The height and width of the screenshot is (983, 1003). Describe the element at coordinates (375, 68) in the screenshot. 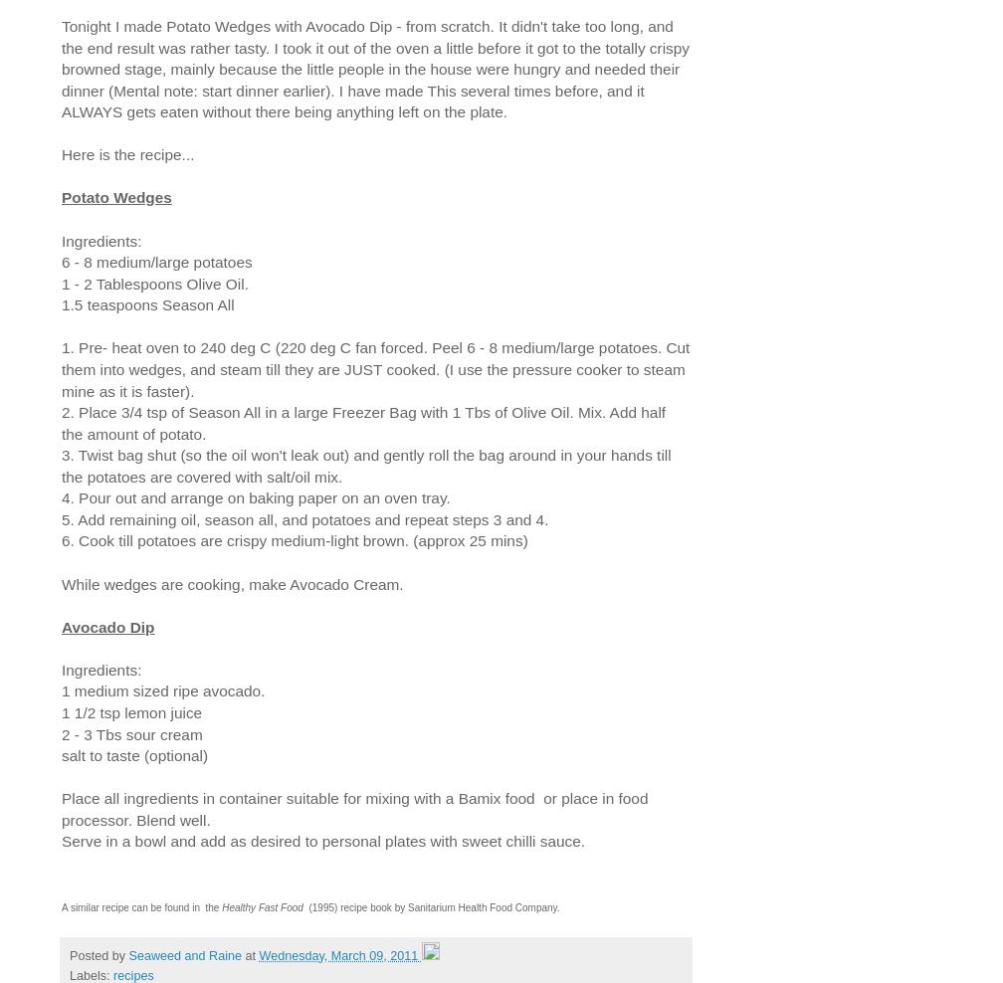

I see `'Tonight I made Potato Wedges with Avocado Dip - from scratch. It didn't take too long, and the end result was rather tasty. I took it out of the oven a little before it got to the totally crispy browned stage, mainly because the little people in the house were hungry and needed their dinner (Mental note: start dinner earlier). I have made This several times before, and it ALWAYS gets eaten without there being anything left on the plate.'` at that location.